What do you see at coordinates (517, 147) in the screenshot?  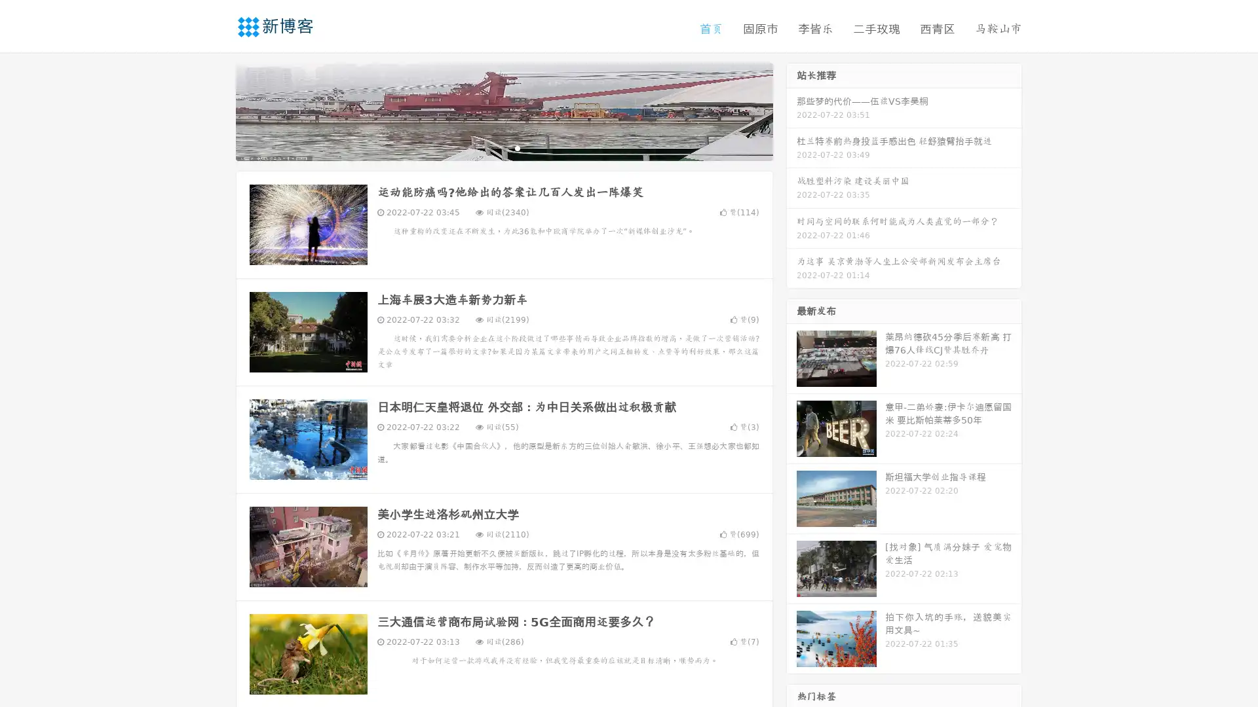 I see `Go to slide 3` at bounding box center [517, 147].